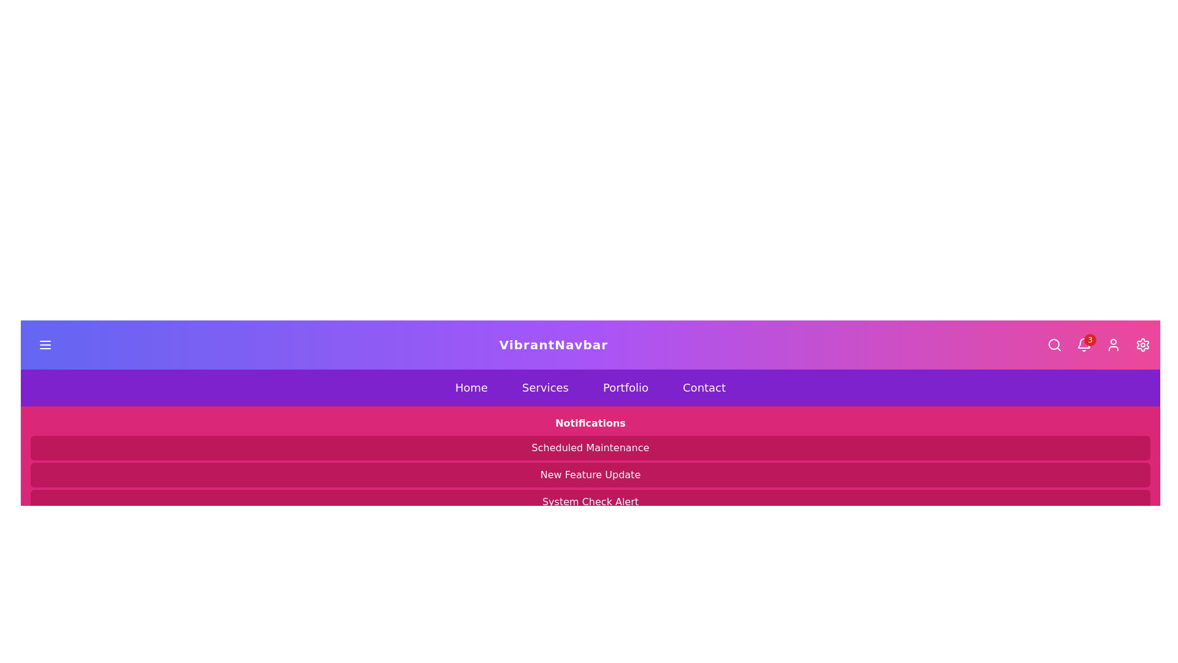 This screenshot has width=1178, height=663. What do you see at coordinates (590, 423) in the screenshot?
I see `the 'Notifications' text label, which is styled in bold font and positioned centrally on a pink background, above the list of notification items` at bounding box center [590, 423].